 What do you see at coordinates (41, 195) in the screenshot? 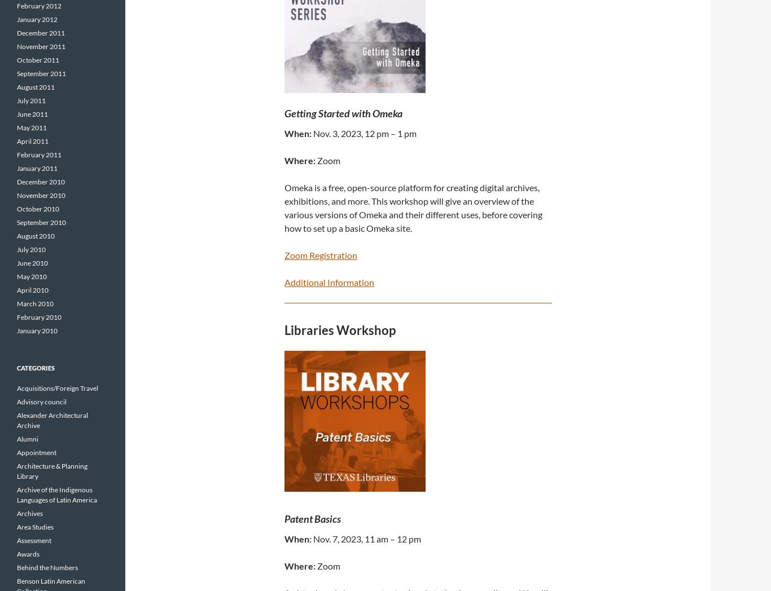
I see `'November 2010'` at bounding box center [41, 195].